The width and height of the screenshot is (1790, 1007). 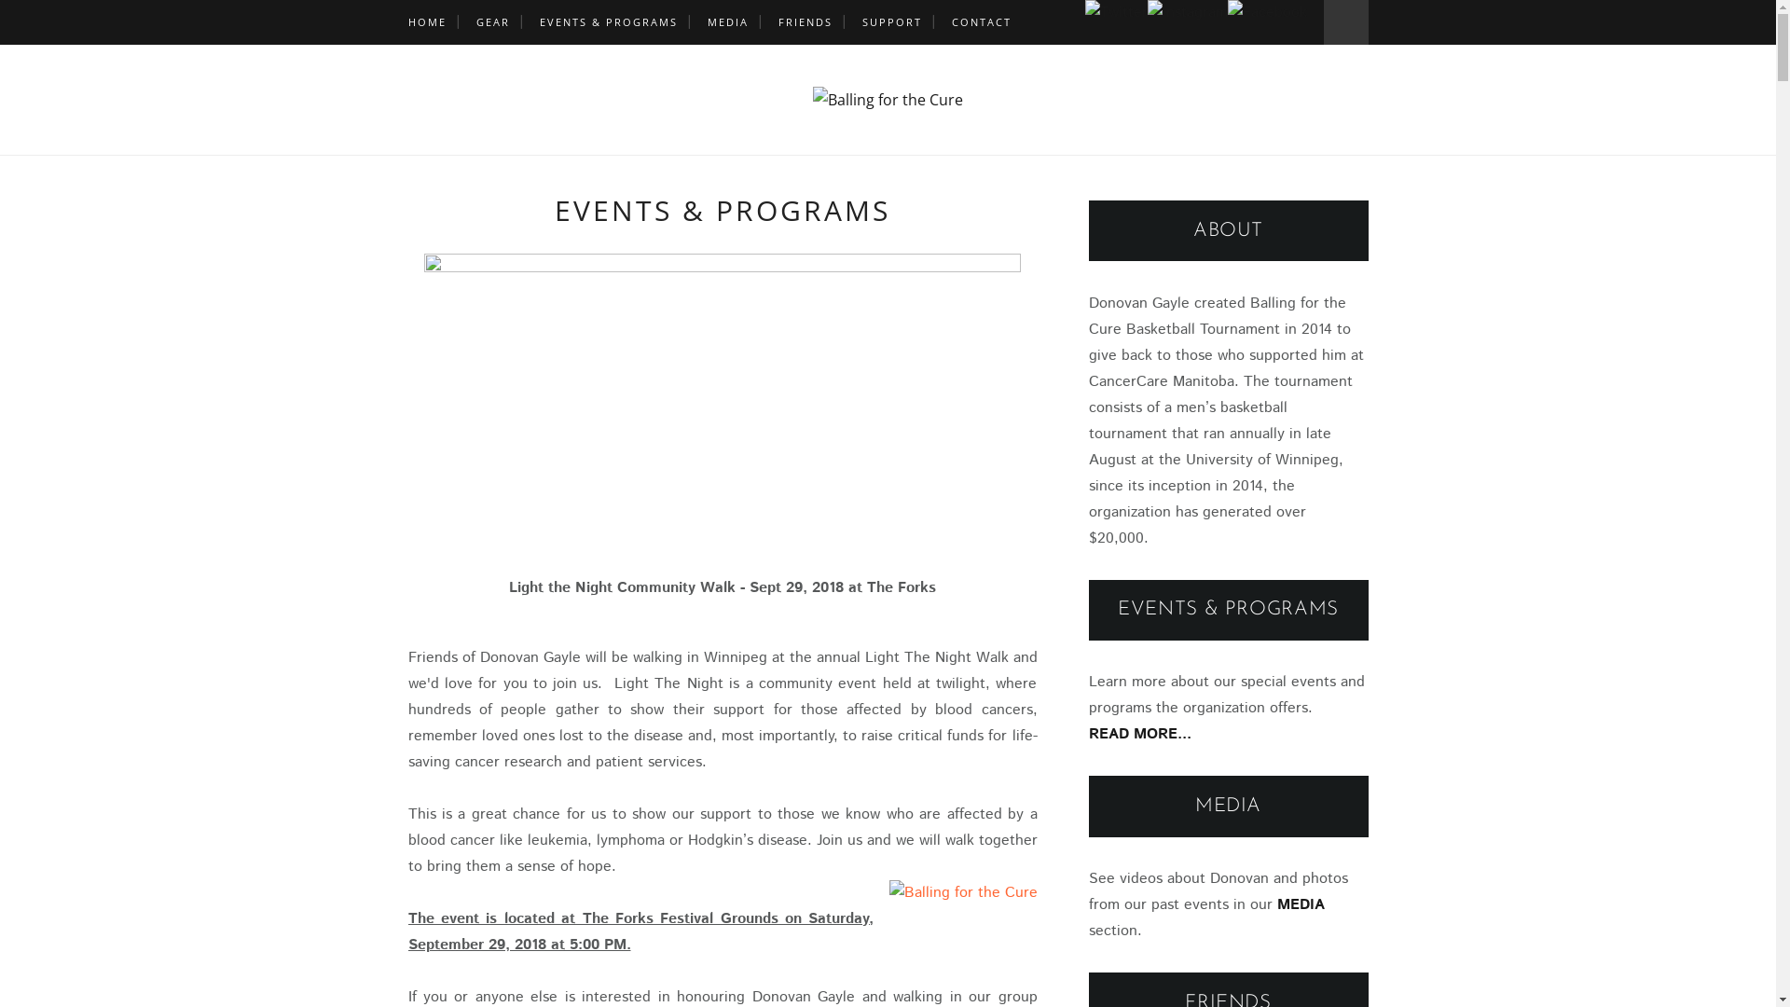 I want to click on 'CONTACT', so click(x=979, y=21).